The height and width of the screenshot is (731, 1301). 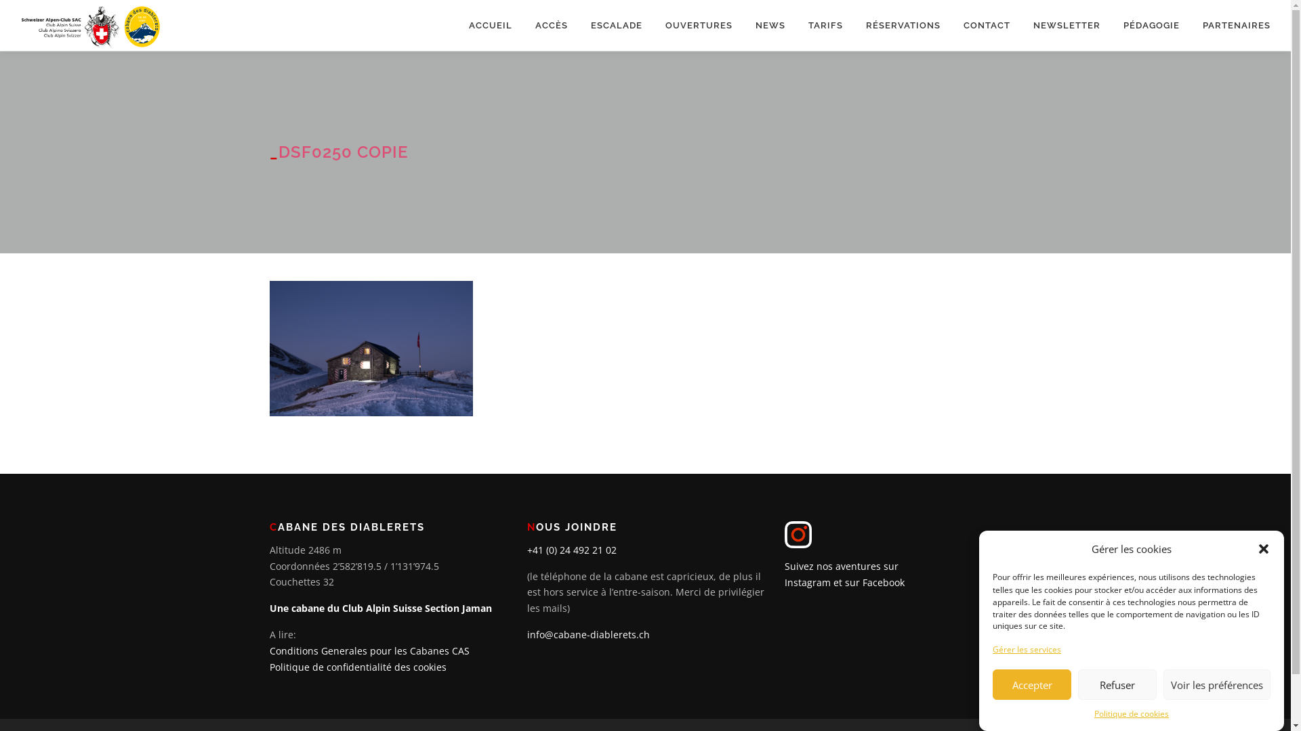 I want to click on 'ACCUEIL', so click(x=490, y=25).